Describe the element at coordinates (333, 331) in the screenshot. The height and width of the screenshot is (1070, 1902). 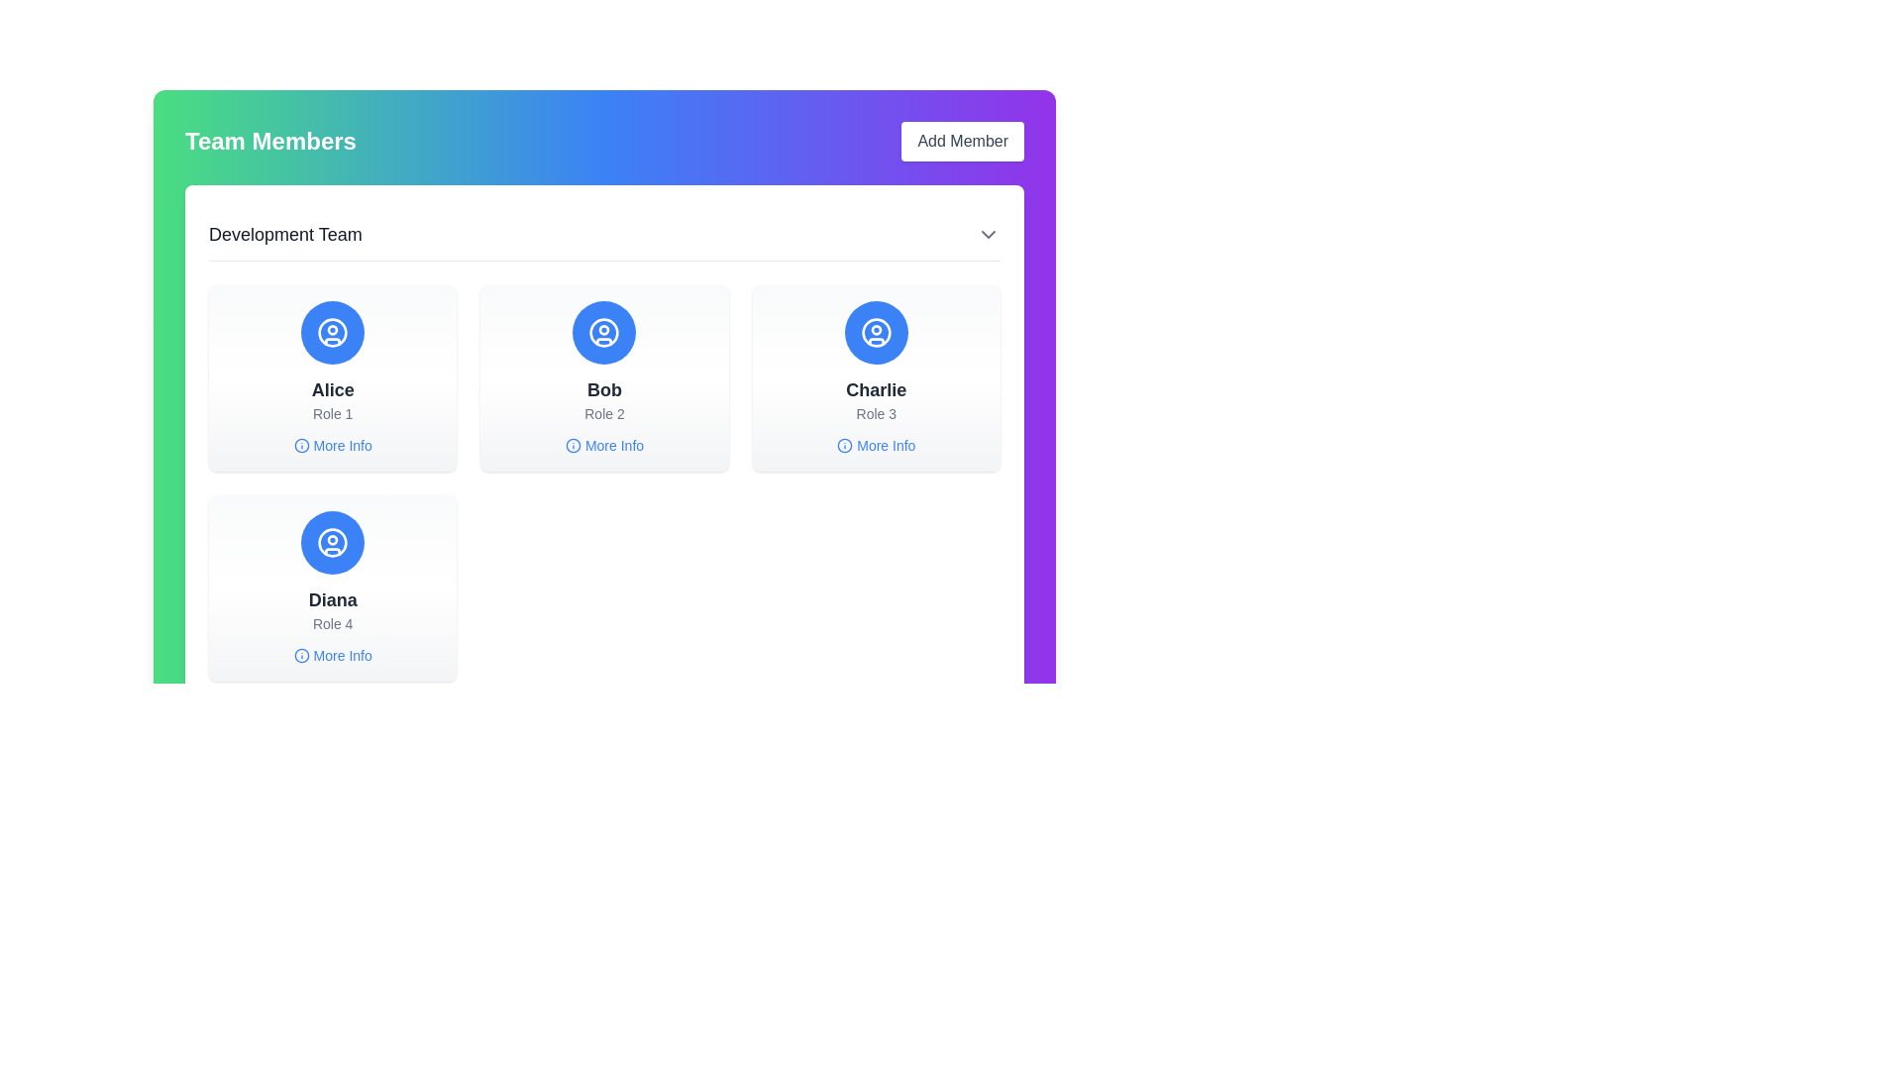
I see `the outer circle of the user icon located within the card labeled 'Alice Role 1' in the first column of the 'Development Team' section` at that location.